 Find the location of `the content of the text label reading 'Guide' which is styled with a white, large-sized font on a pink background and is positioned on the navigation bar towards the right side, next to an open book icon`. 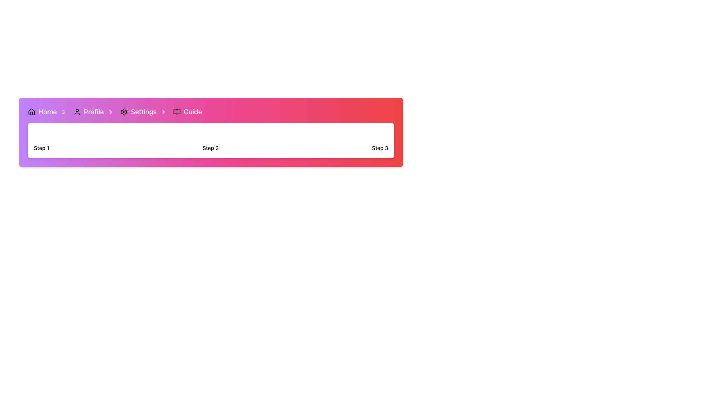

the content of the text label reading 'Guide' which is styled with a white, large-sized font on a pink background and is positioned on the navigation bar towards the right side, next to an open book icon is located at coordinates (193, 112).